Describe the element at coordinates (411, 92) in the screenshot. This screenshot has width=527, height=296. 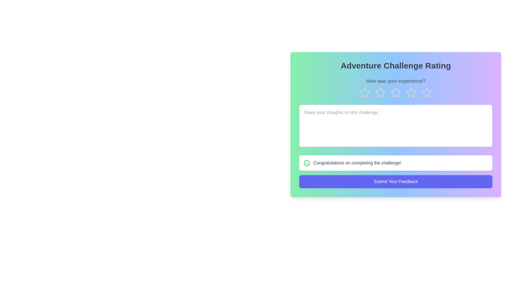
I see `the third rating star icon` at that location.